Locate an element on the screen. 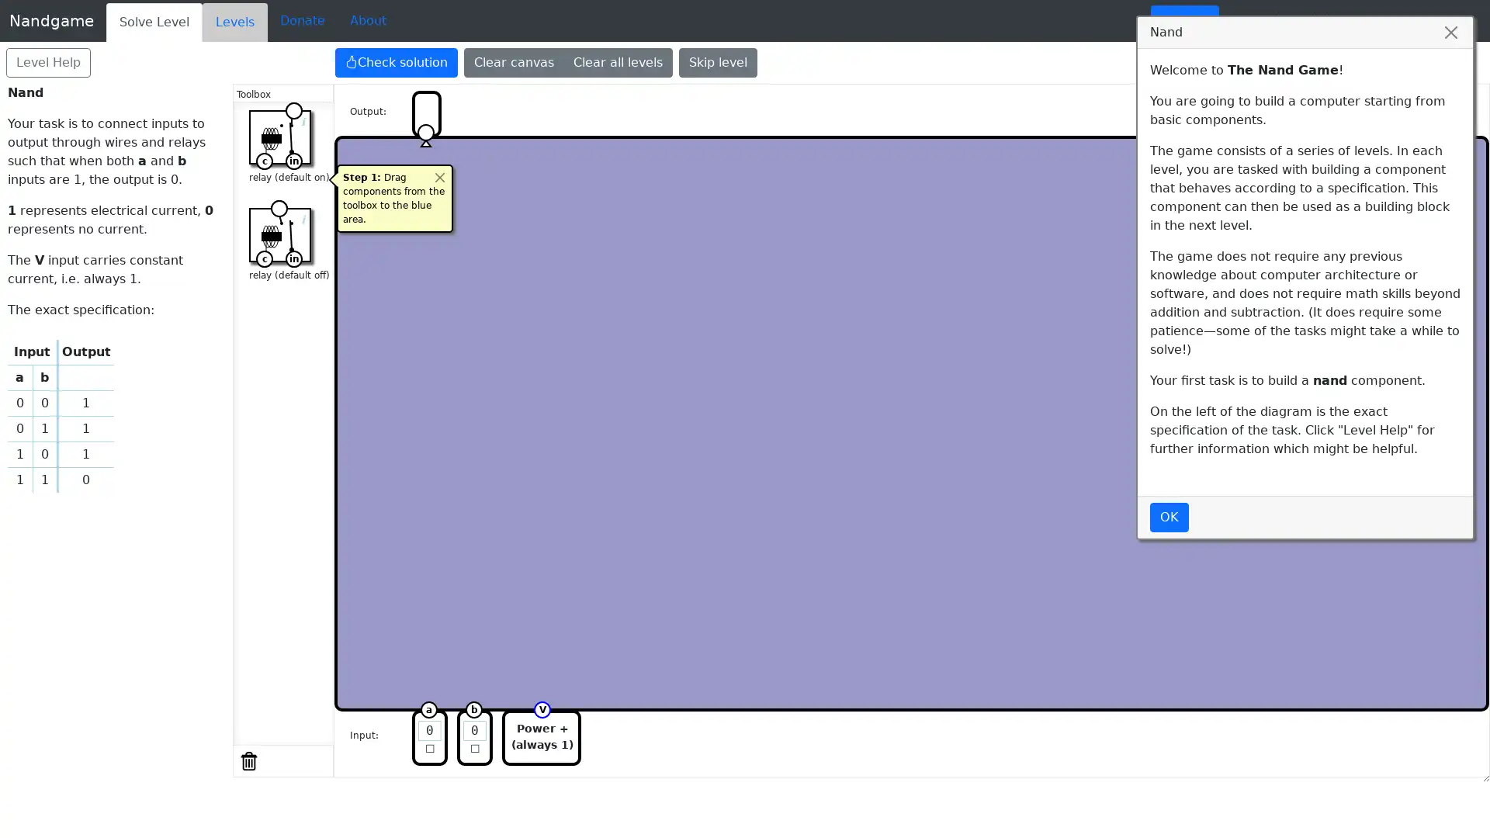 The image size is (1490, 838). Check solution is located at coordinates (396, 62).